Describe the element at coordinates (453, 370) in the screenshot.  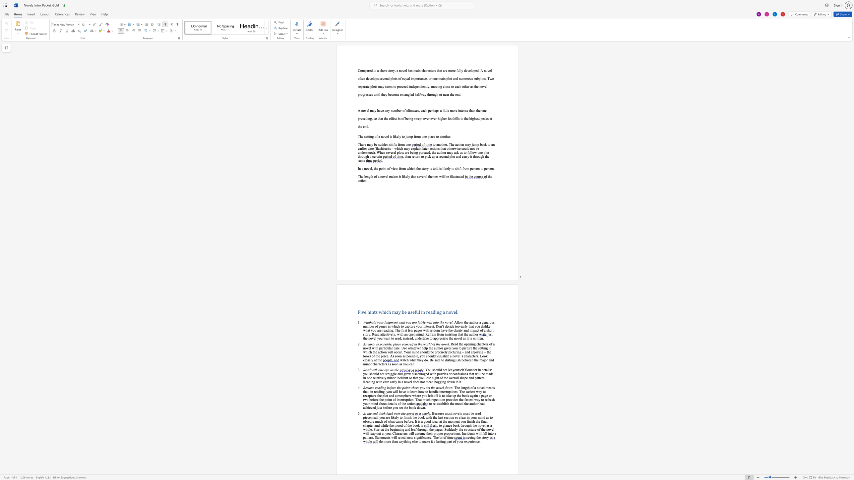
I see `the 1th character "y" in the text` at that location.